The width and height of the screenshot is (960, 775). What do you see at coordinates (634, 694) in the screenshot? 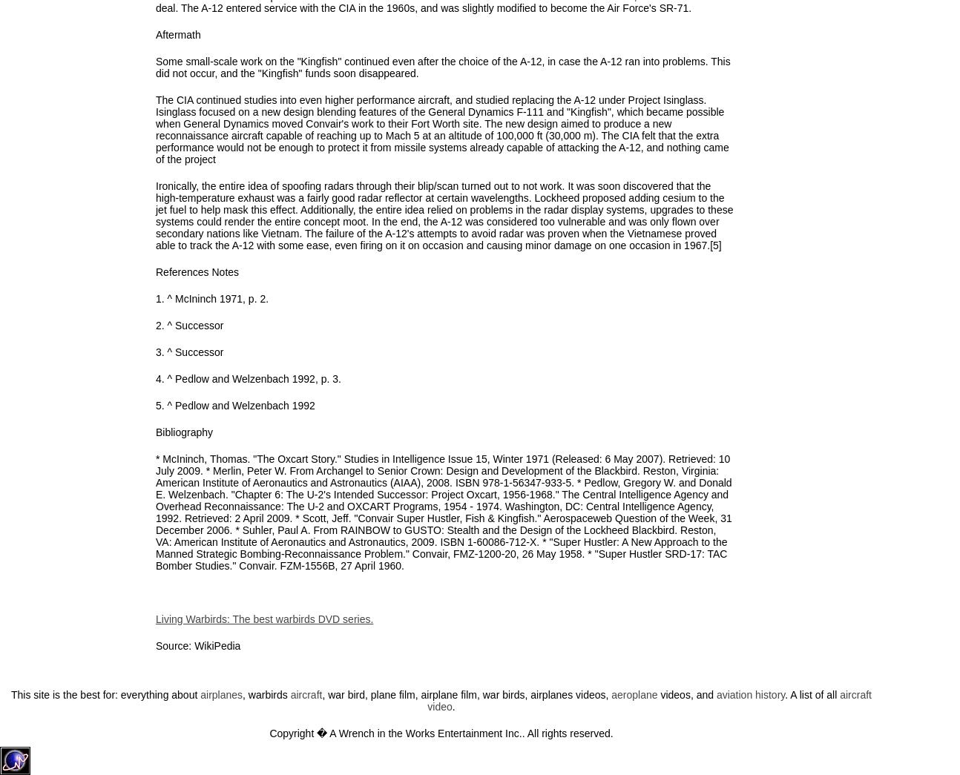
I see `'aeroplane'` at bounding box center [634, 694].